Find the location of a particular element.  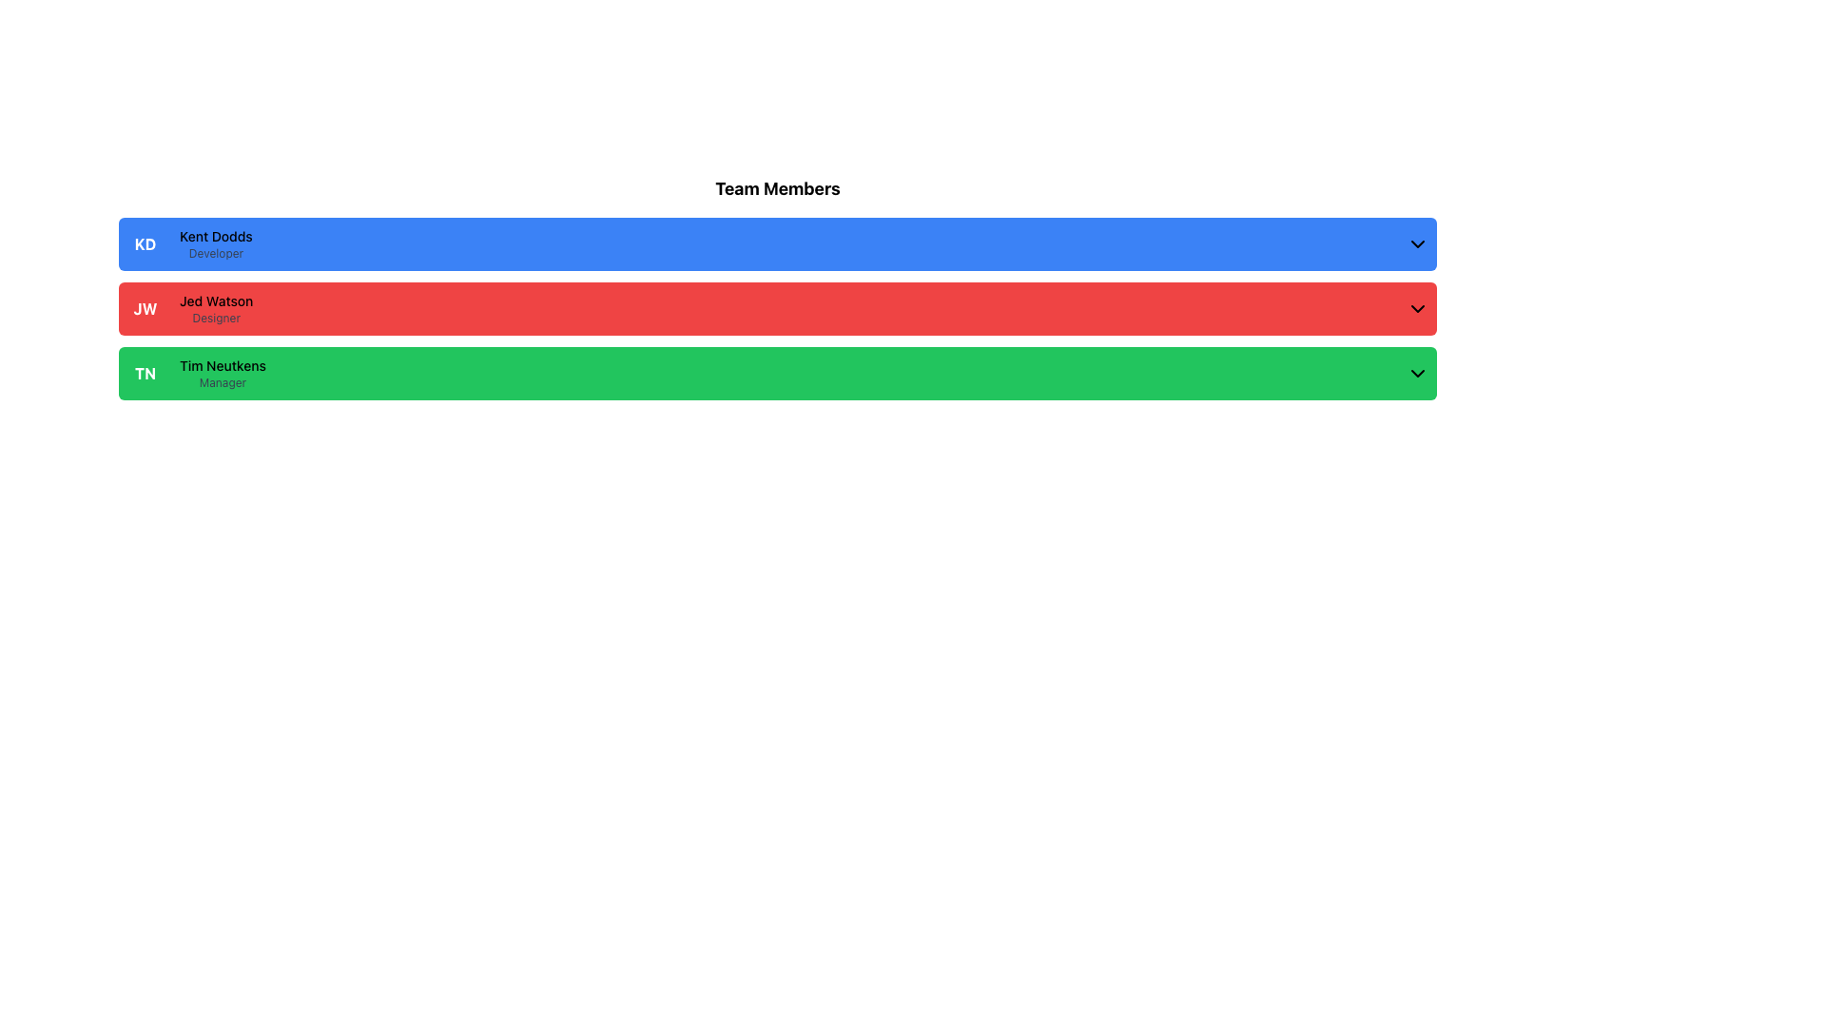

the text label indicating the role or title of the user 'Kent Dodds', which is located directly below the name within the blue rectangular section is located at coordinates (216, 252).